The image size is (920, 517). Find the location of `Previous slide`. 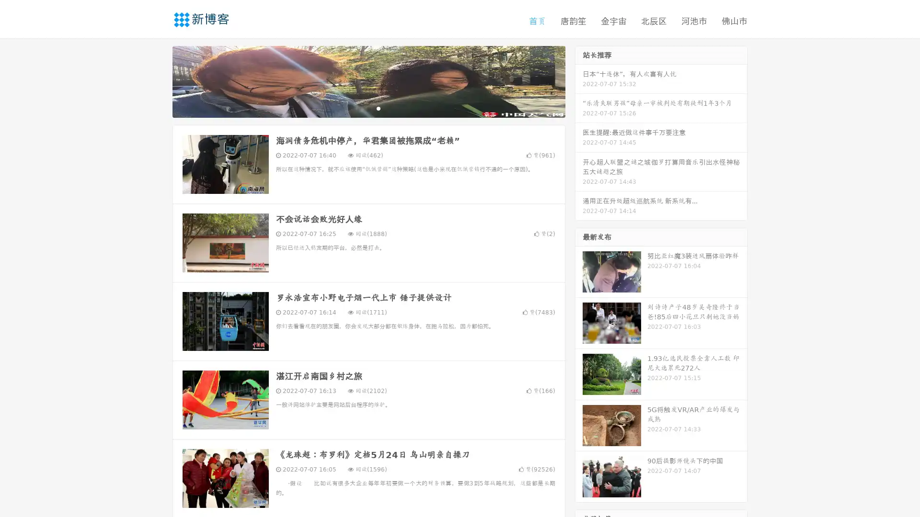

Previous slide is located at coordinates (158, 80).